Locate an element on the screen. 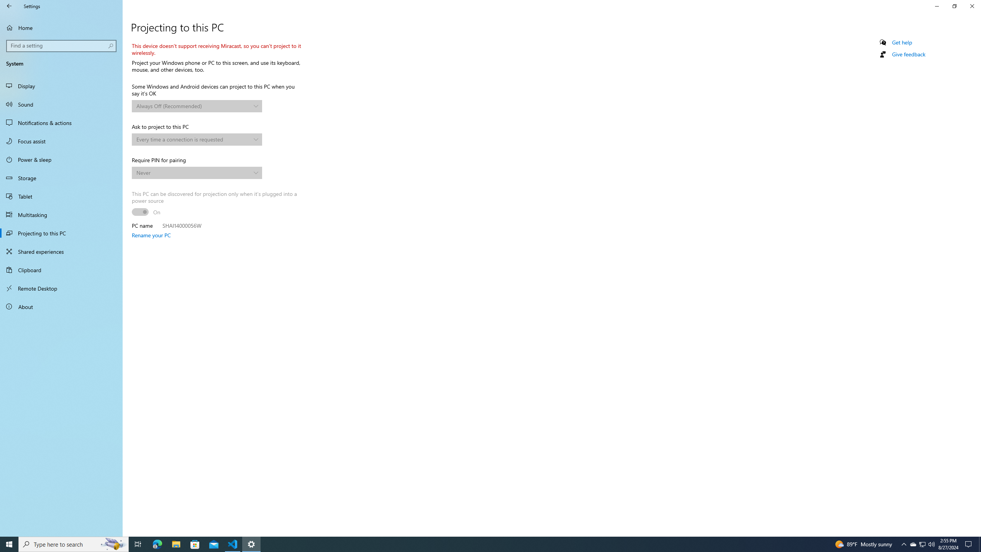 The image size is (981, 552). 'About' is located at coordinates (61, 306).